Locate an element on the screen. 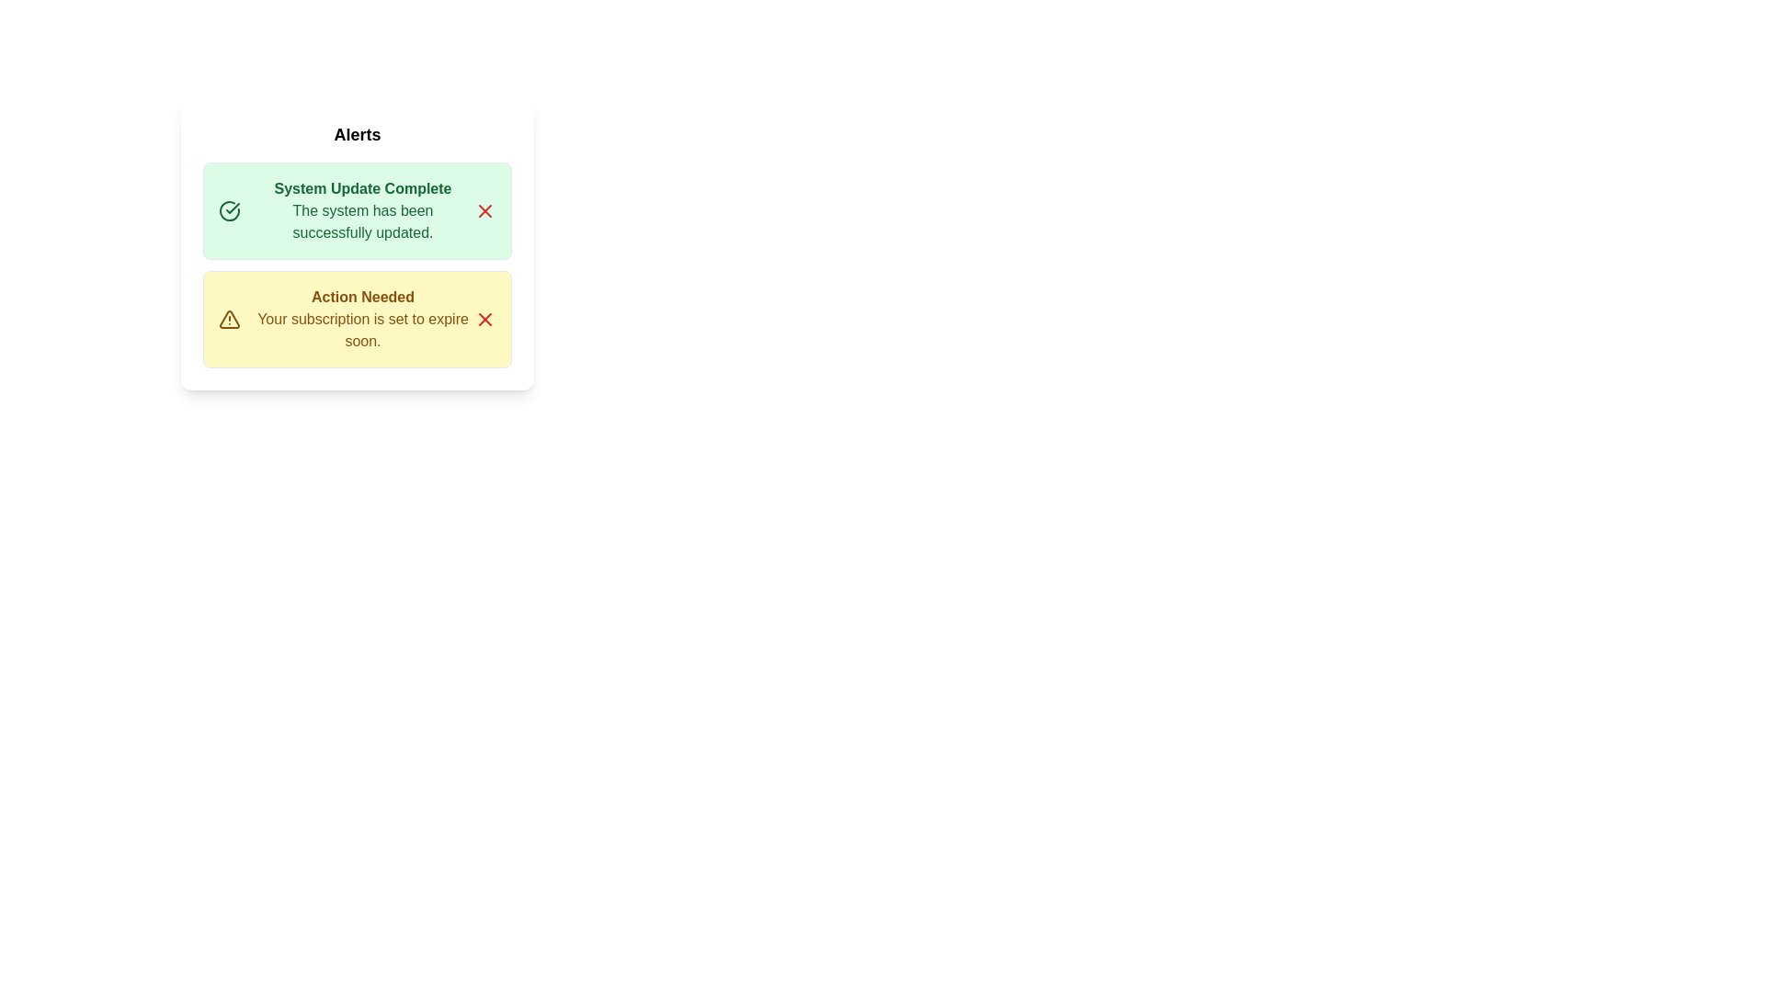 The width and height of the screenshot is (1765, 992). the notification header to focus on its details is located at coordinates (357, 188).